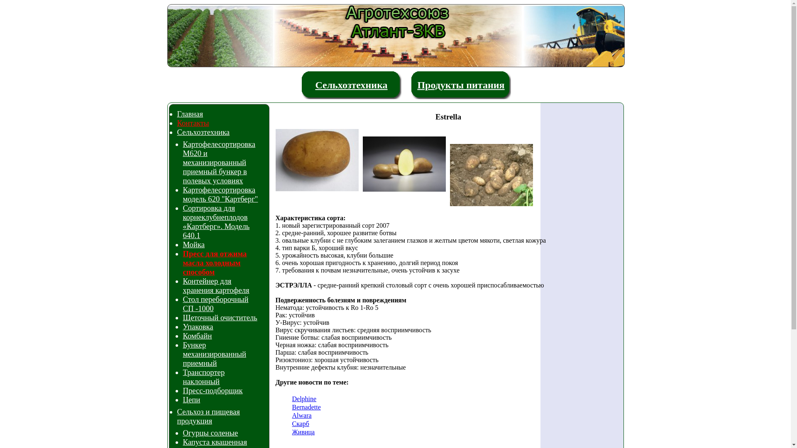  Describe the element at coordinates (318, 162) in the screenshot. I see `'Estrella'` at that location.